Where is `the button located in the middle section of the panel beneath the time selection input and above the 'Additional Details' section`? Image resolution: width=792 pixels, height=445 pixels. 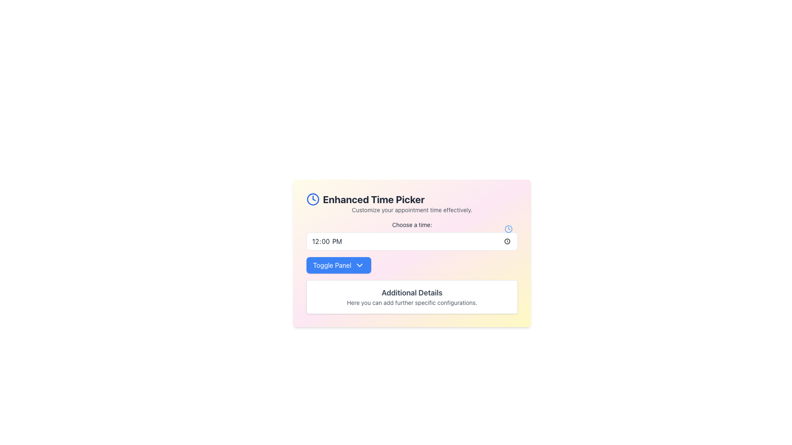 the button located in the middle section of the panel beneath the time selection input and above the 'Additional Details' section is located at coordinates (412, 265).